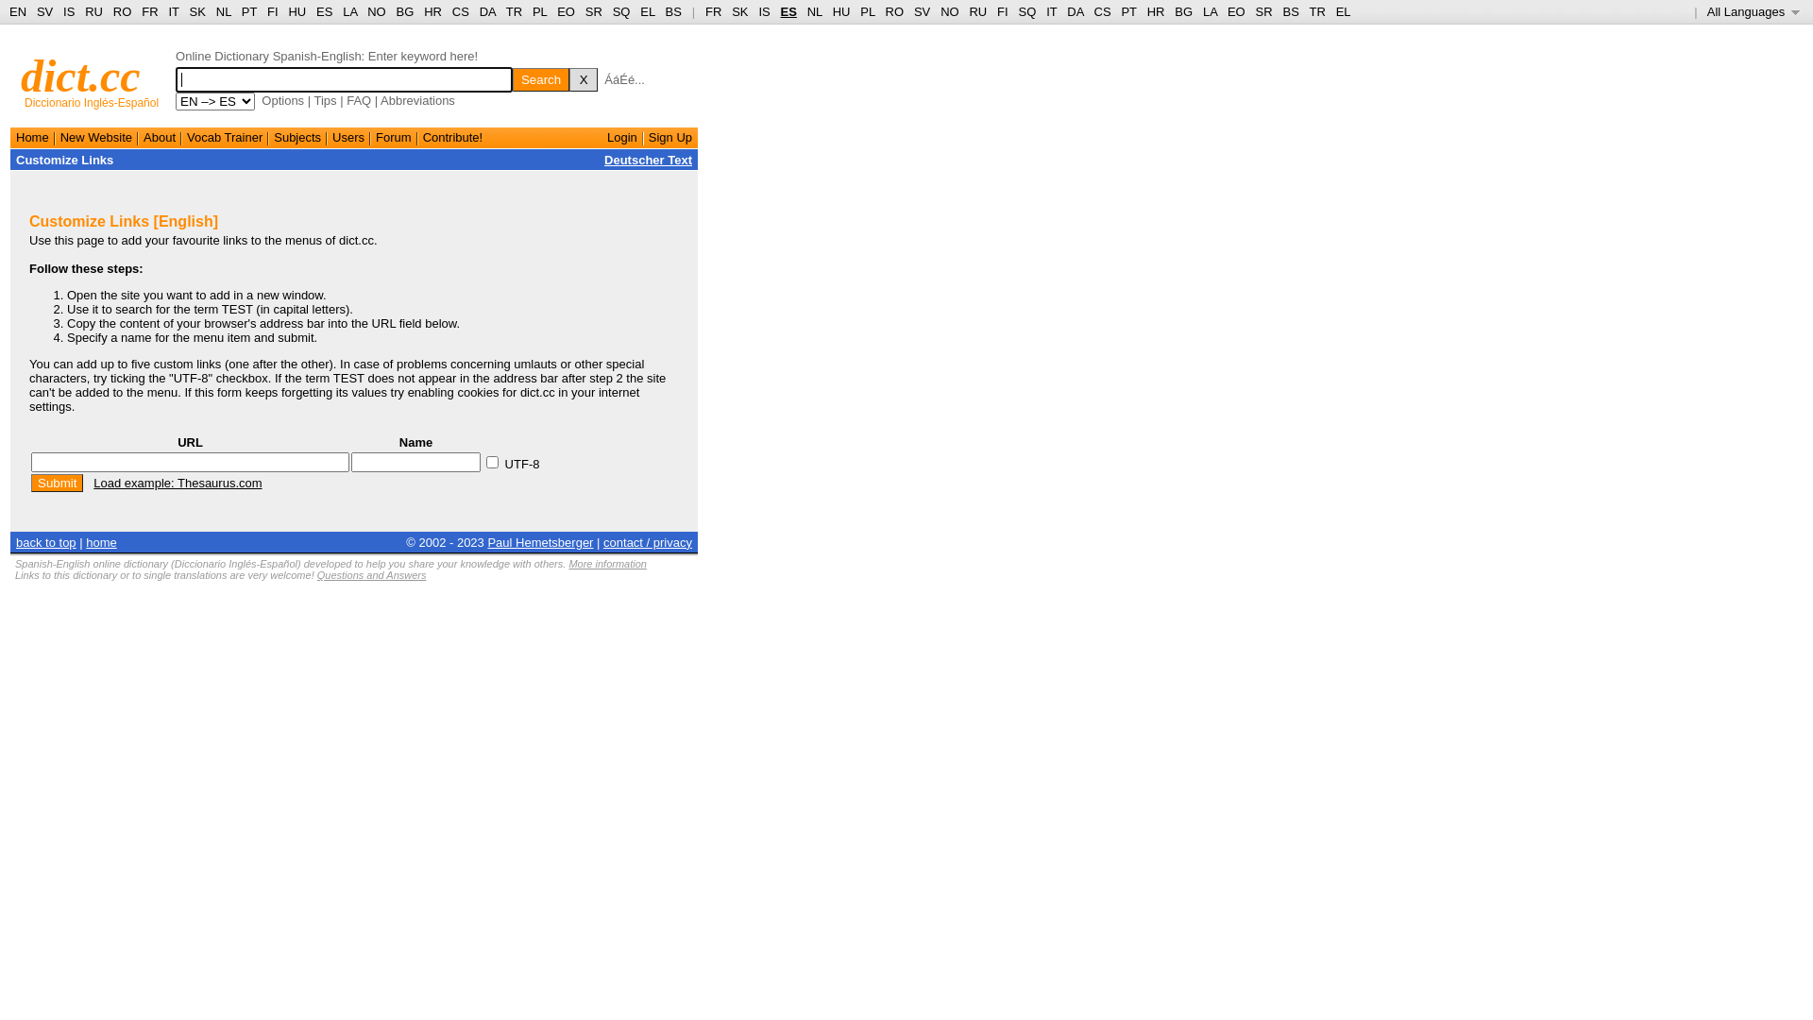  Describe the element at coordinates (738, 11) in the screenshot. I see `'SK'` at that location.